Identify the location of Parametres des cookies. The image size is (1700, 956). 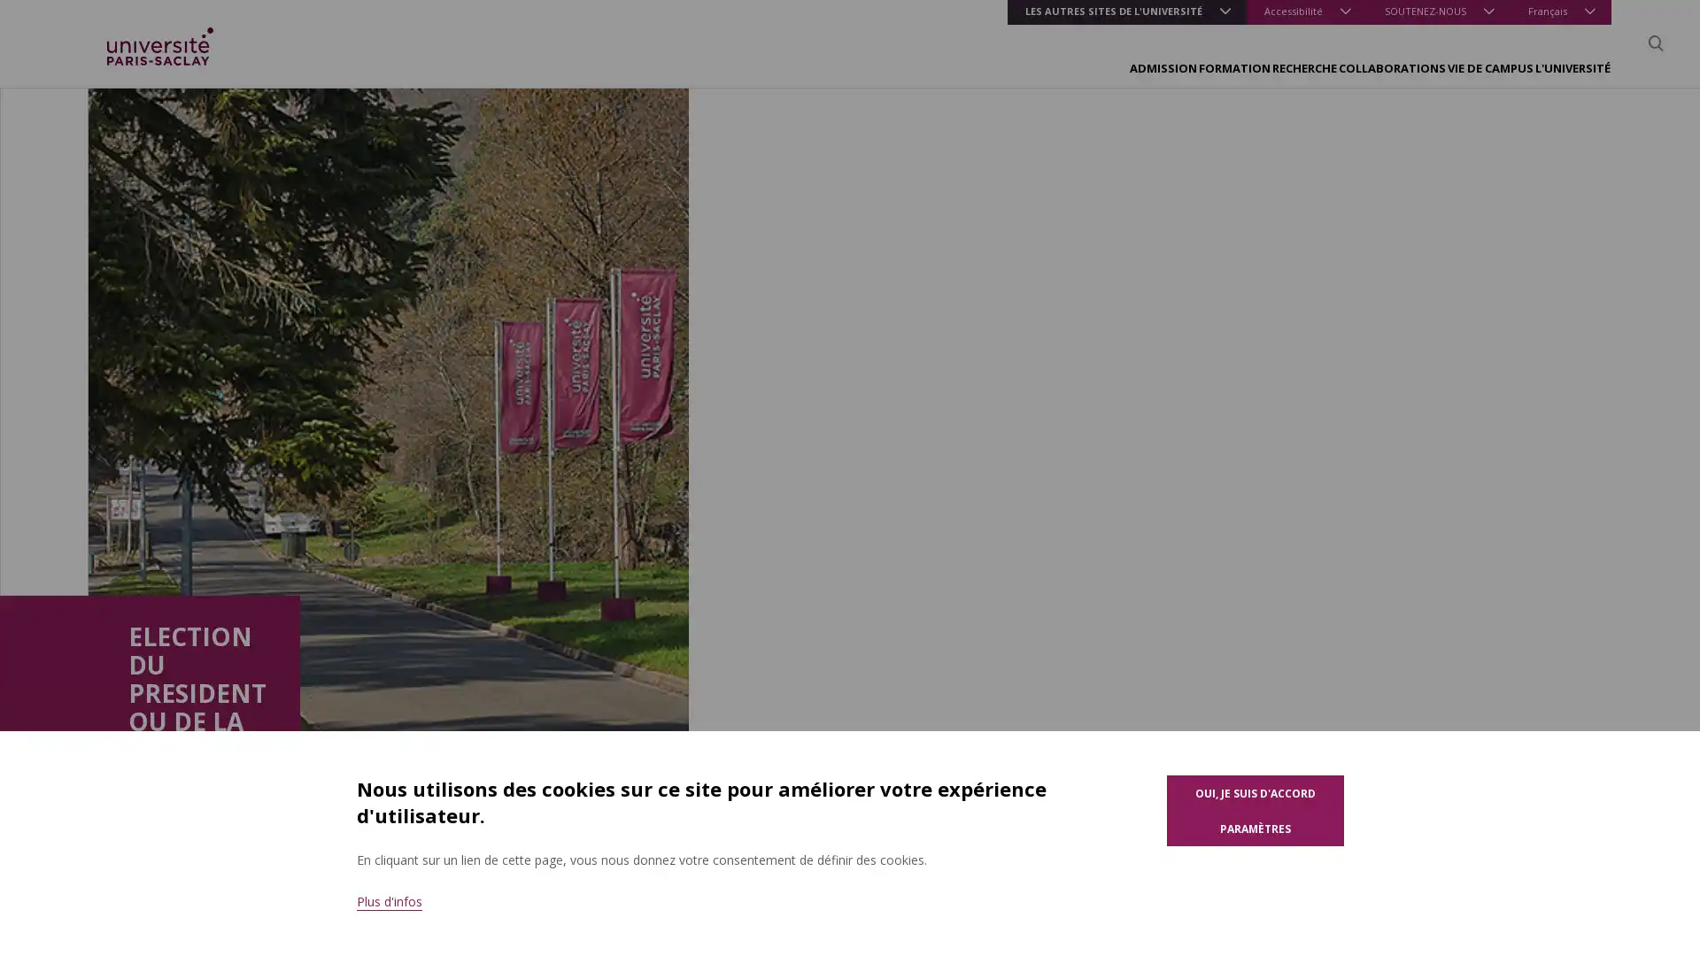
(1253, 841).